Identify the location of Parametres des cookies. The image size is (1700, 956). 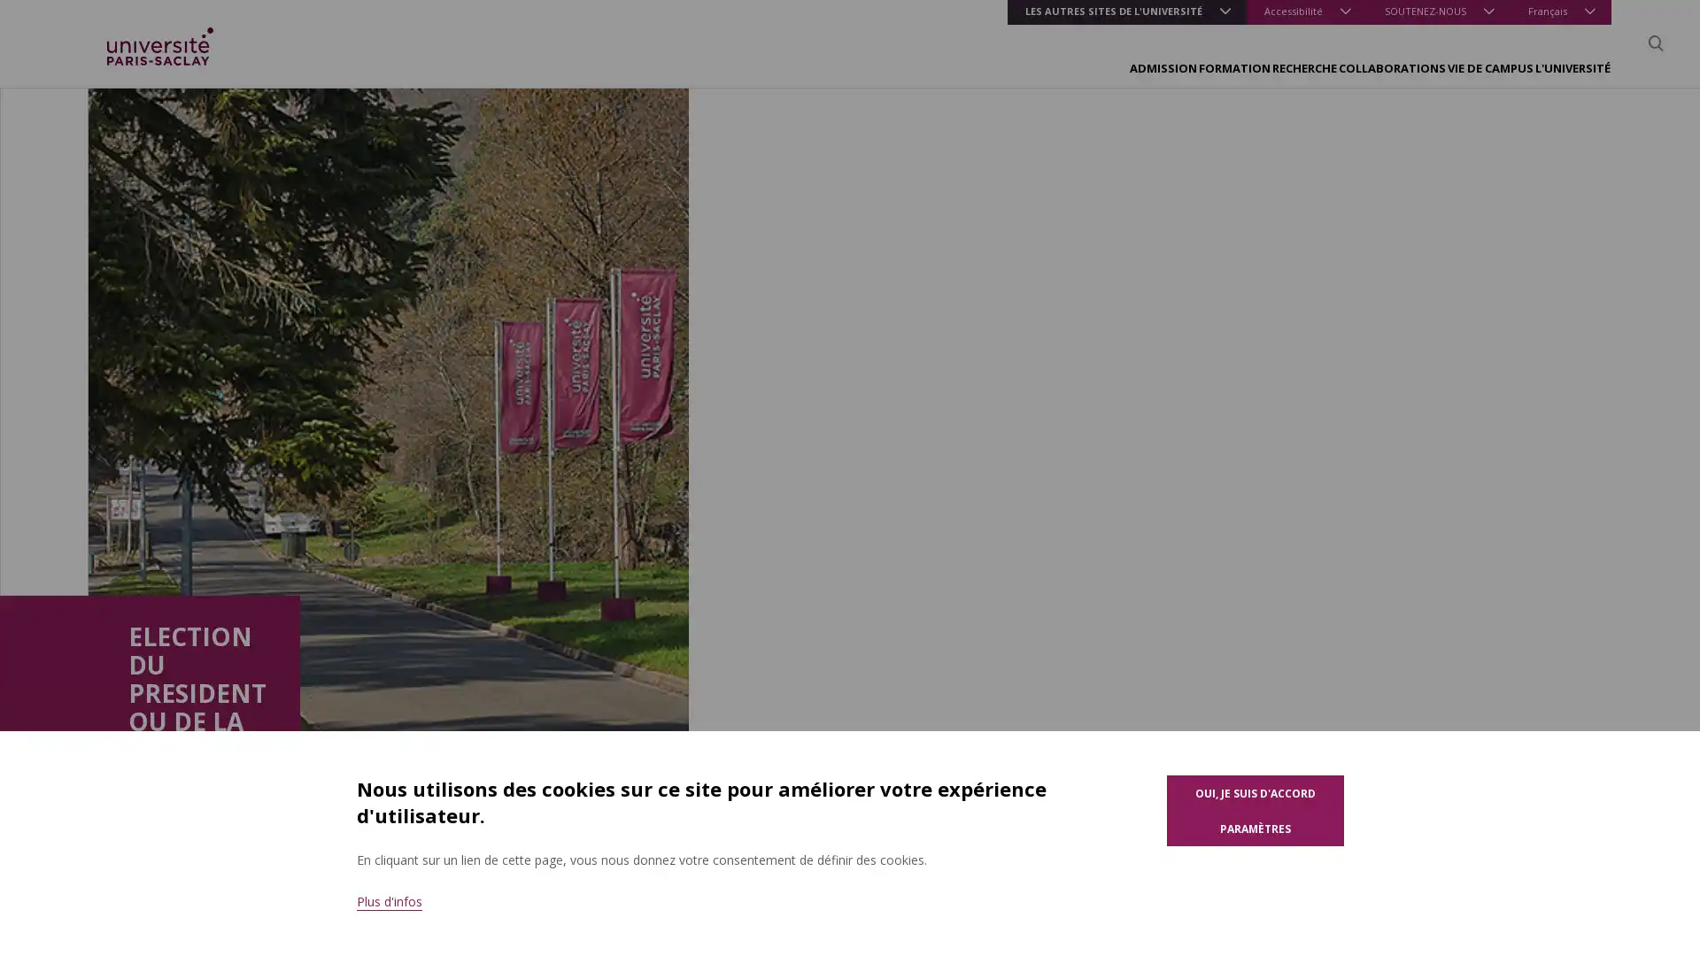
(1253, 841).